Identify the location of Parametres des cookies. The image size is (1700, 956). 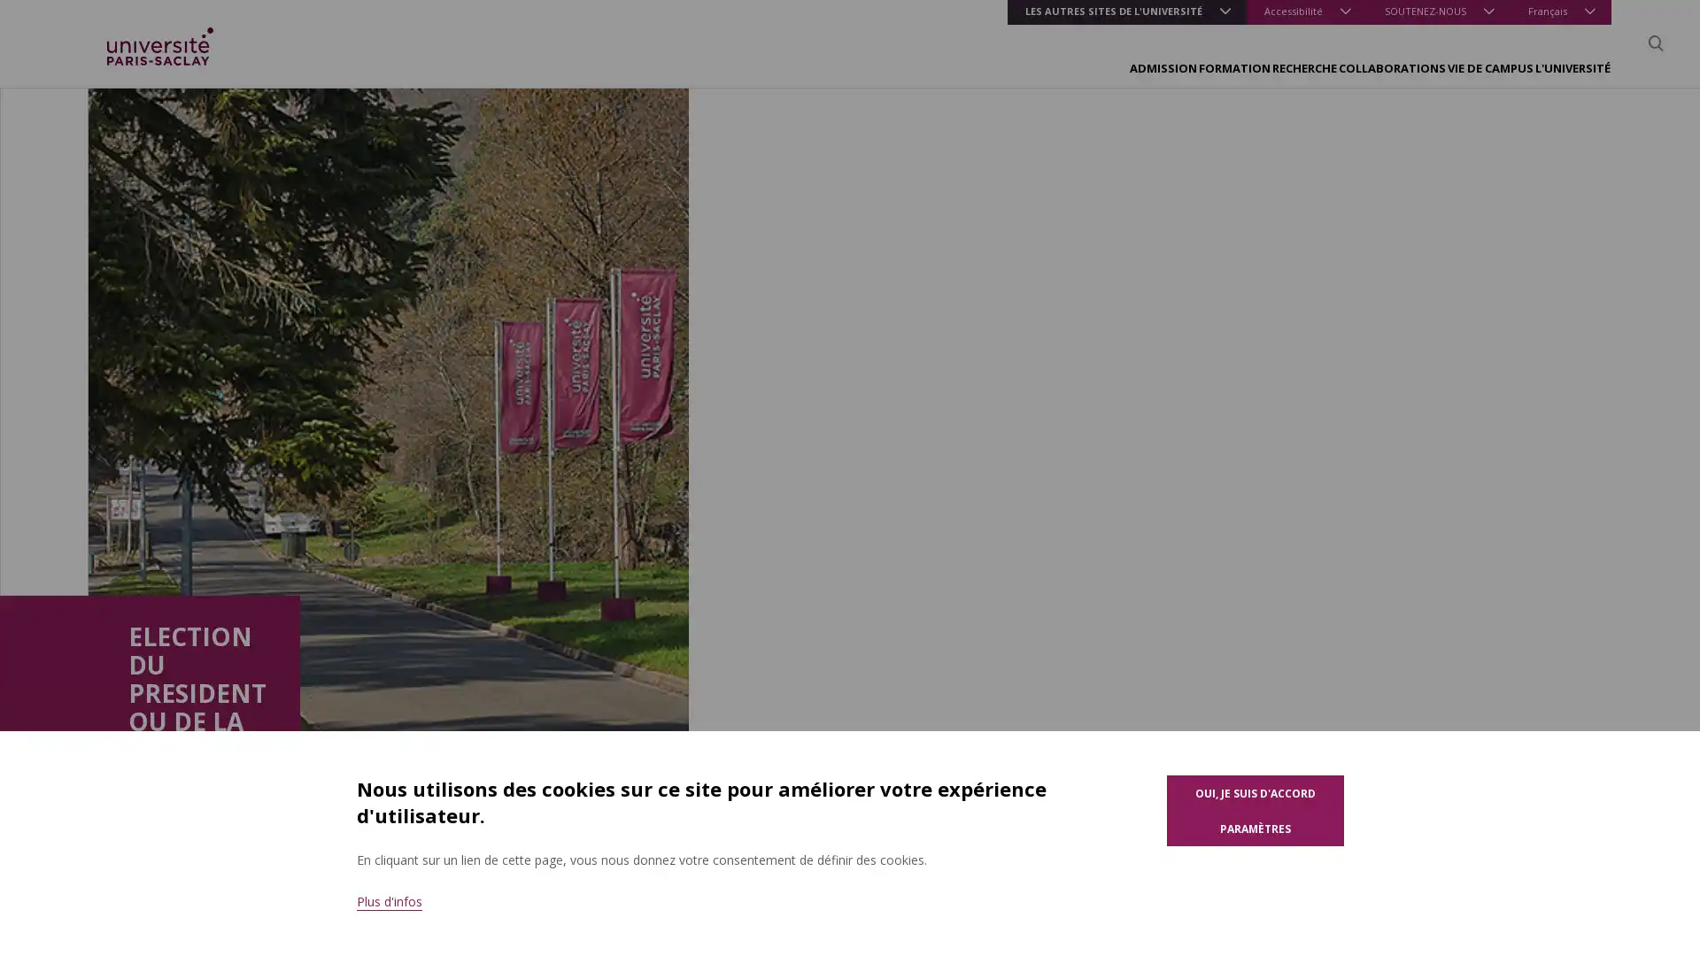
(1253, 841).